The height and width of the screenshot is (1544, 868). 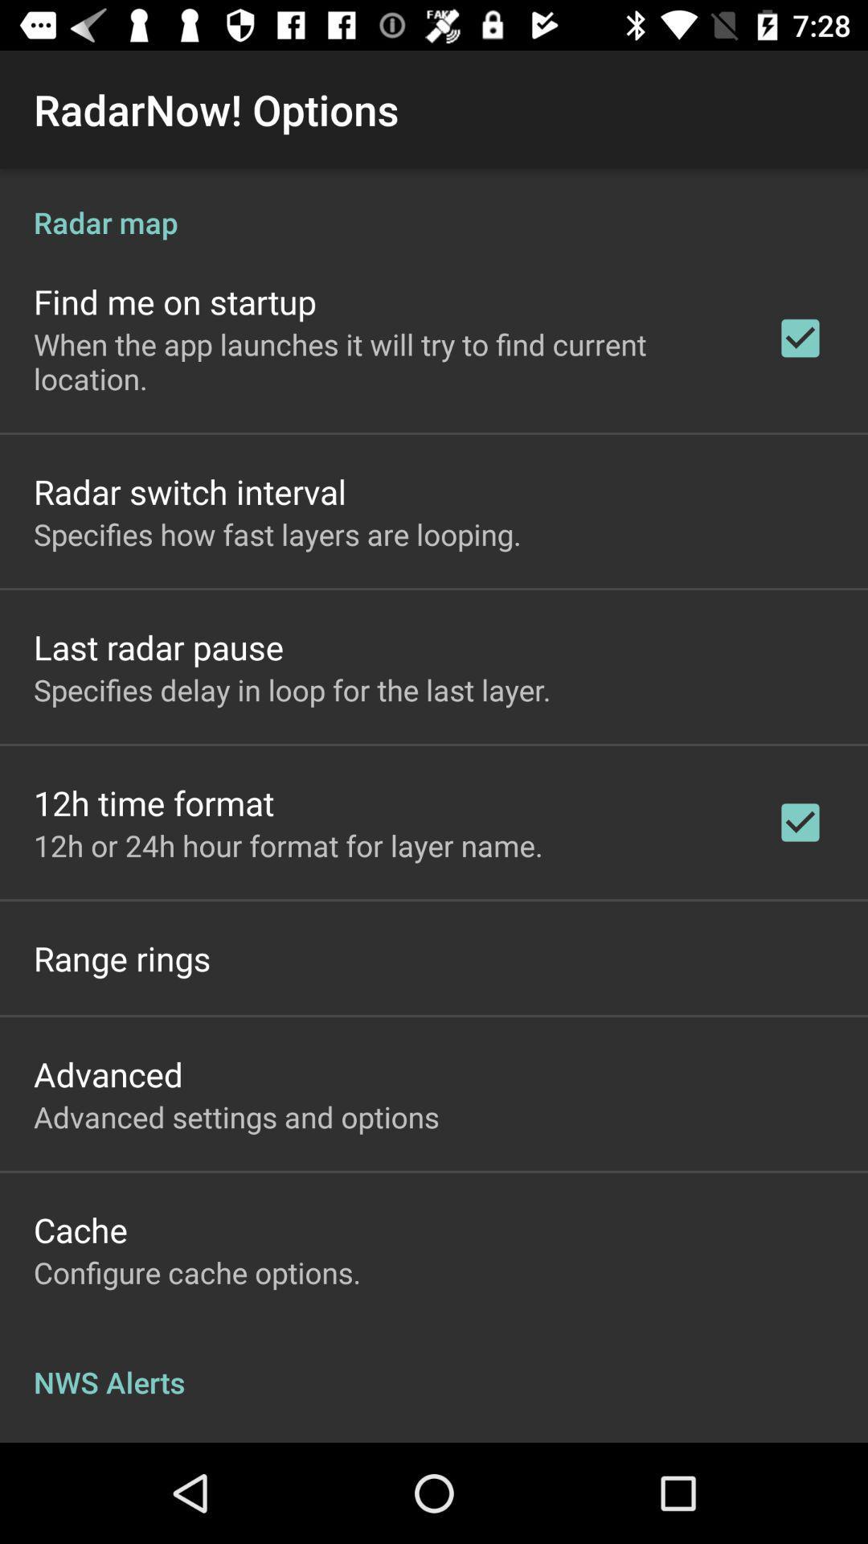 I want to click on icon below the find me on app, so click(x=383, y=360).